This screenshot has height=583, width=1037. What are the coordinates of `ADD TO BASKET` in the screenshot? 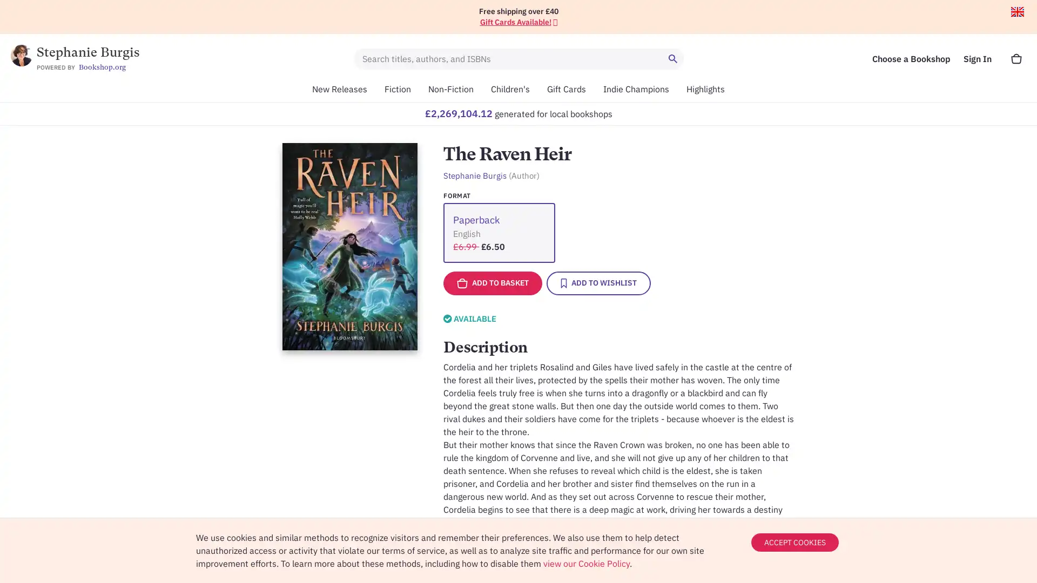 It's located at (495, 282).